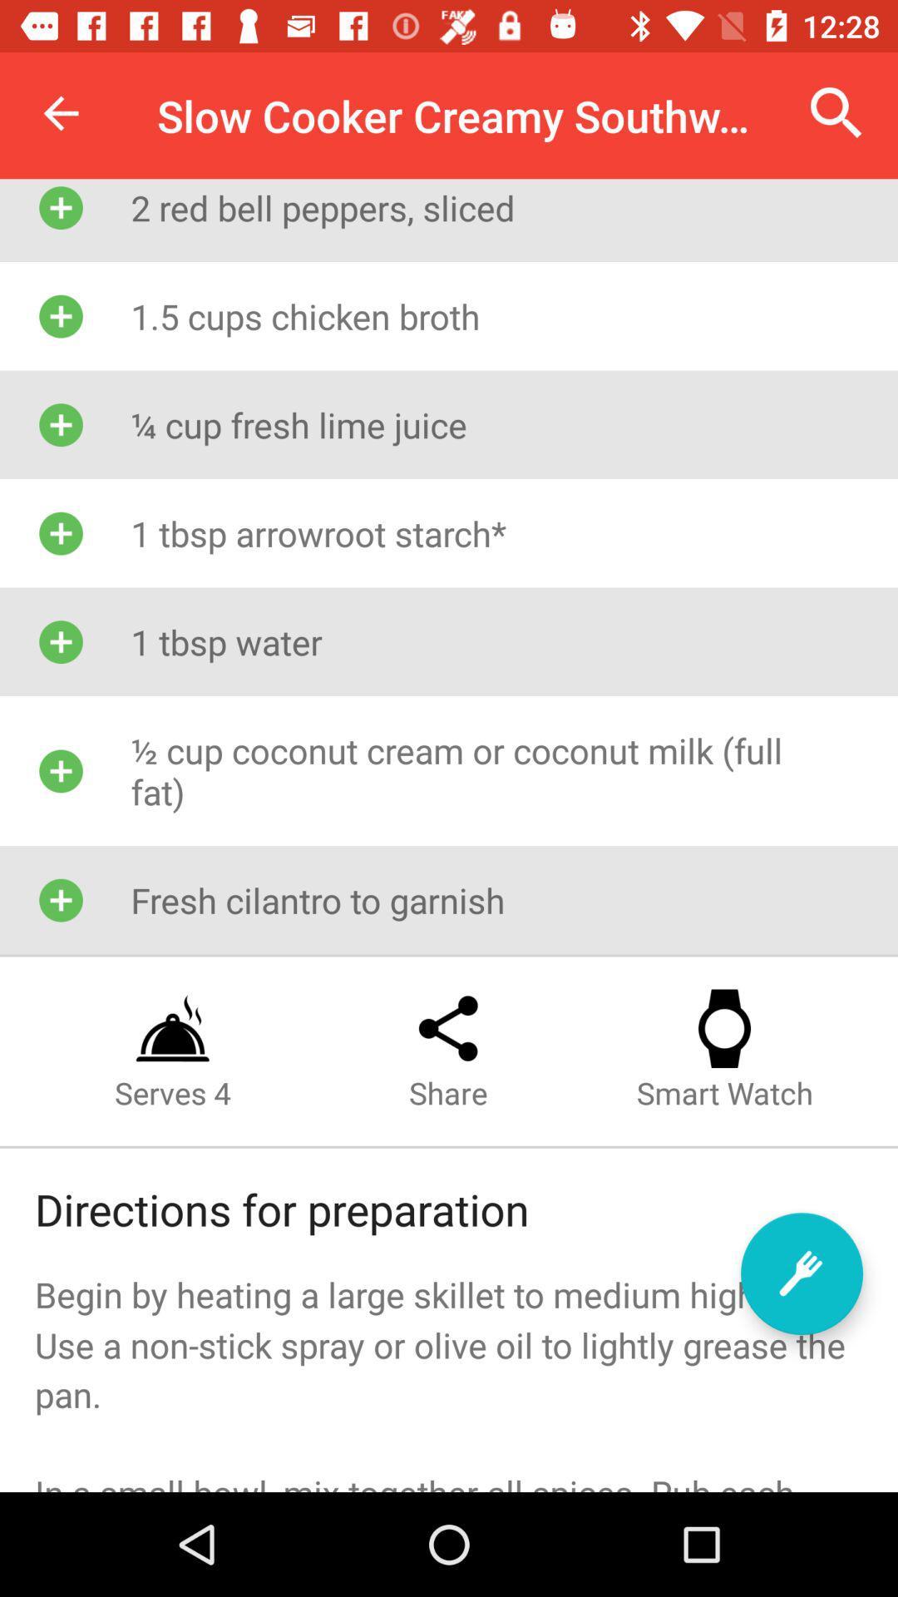 Image resolution: width=898 pixels, height=1597 pixels. I want to click on the item next to slow cooker creamy, so click(836, 112).